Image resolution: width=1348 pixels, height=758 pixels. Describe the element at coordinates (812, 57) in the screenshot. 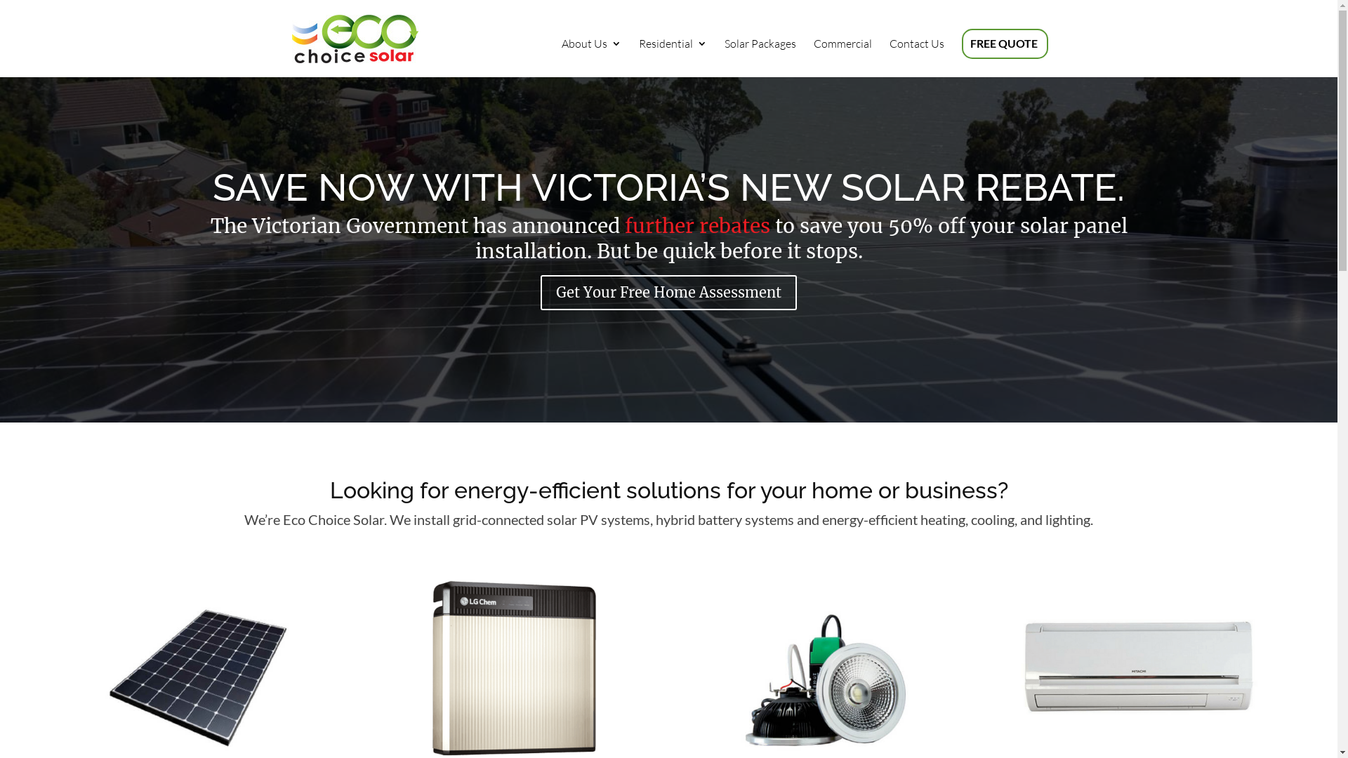

I see `'Commercial'` at that location.